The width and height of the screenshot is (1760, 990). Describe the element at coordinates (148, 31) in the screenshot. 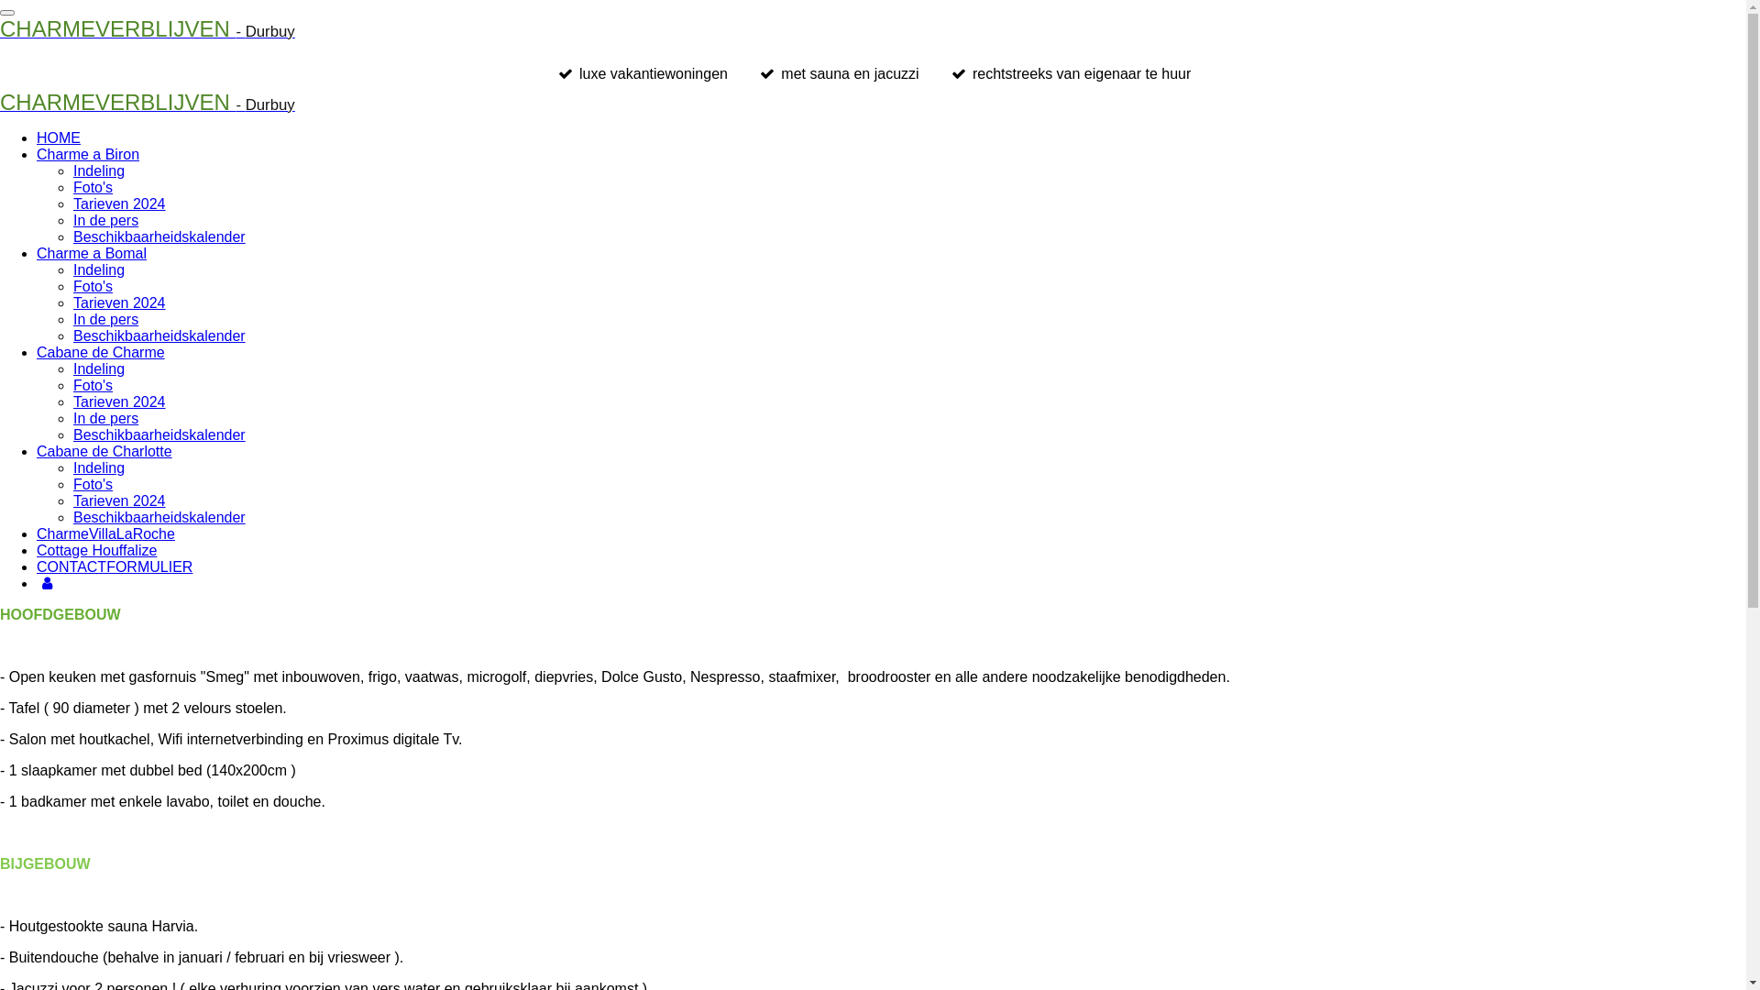

I see `'CHARMEVERBLIJVEN - Durbuy'` at that location.